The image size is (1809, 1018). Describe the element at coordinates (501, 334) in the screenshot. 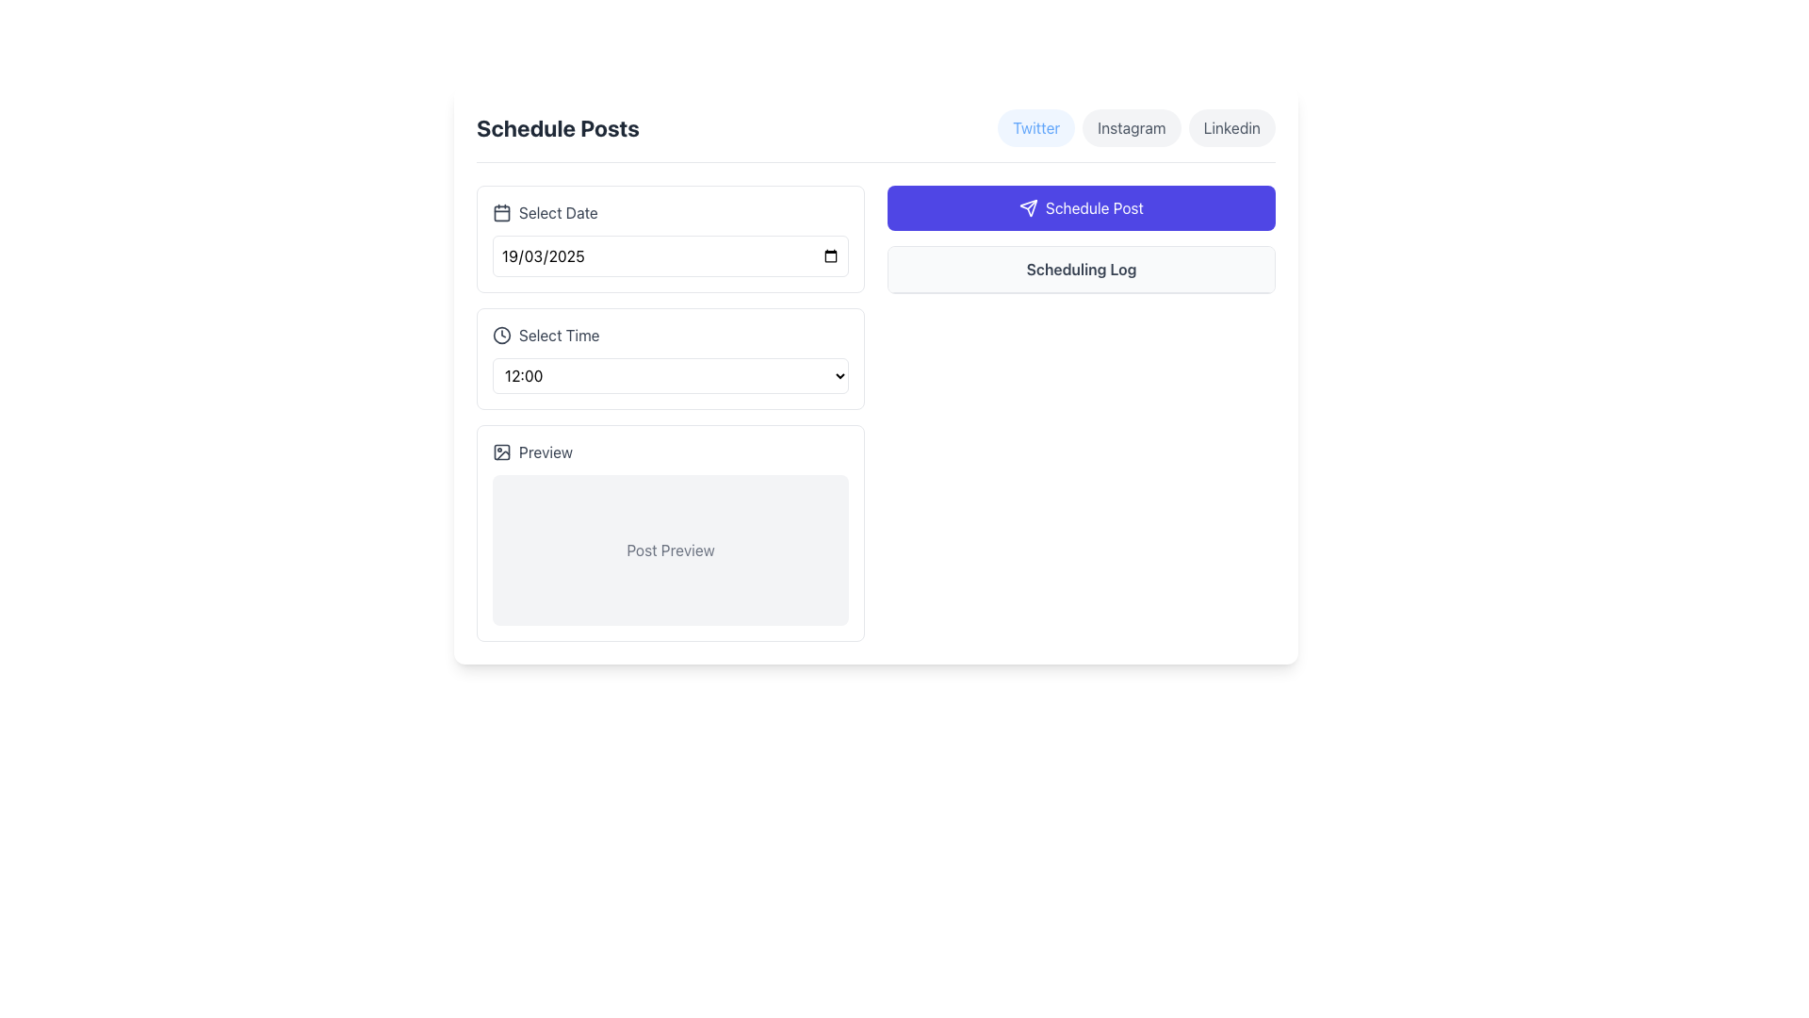

I see `the clock-shaped icon rendered in a minimalist line-art style, which is located to the left of the 'Select Time' label in the 'Select Date' section of the interface` at that location.